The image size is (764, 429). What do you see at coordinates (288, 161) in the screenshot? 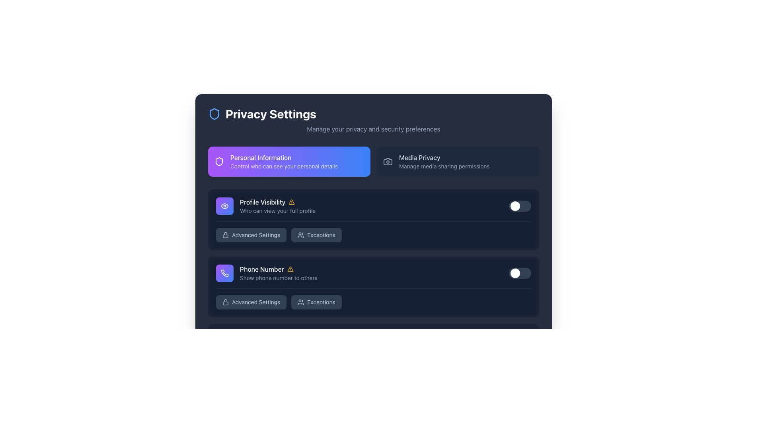
I see `the first interactive card or button in the 'Privacy Settings' section` at bounding box center [288, 161].